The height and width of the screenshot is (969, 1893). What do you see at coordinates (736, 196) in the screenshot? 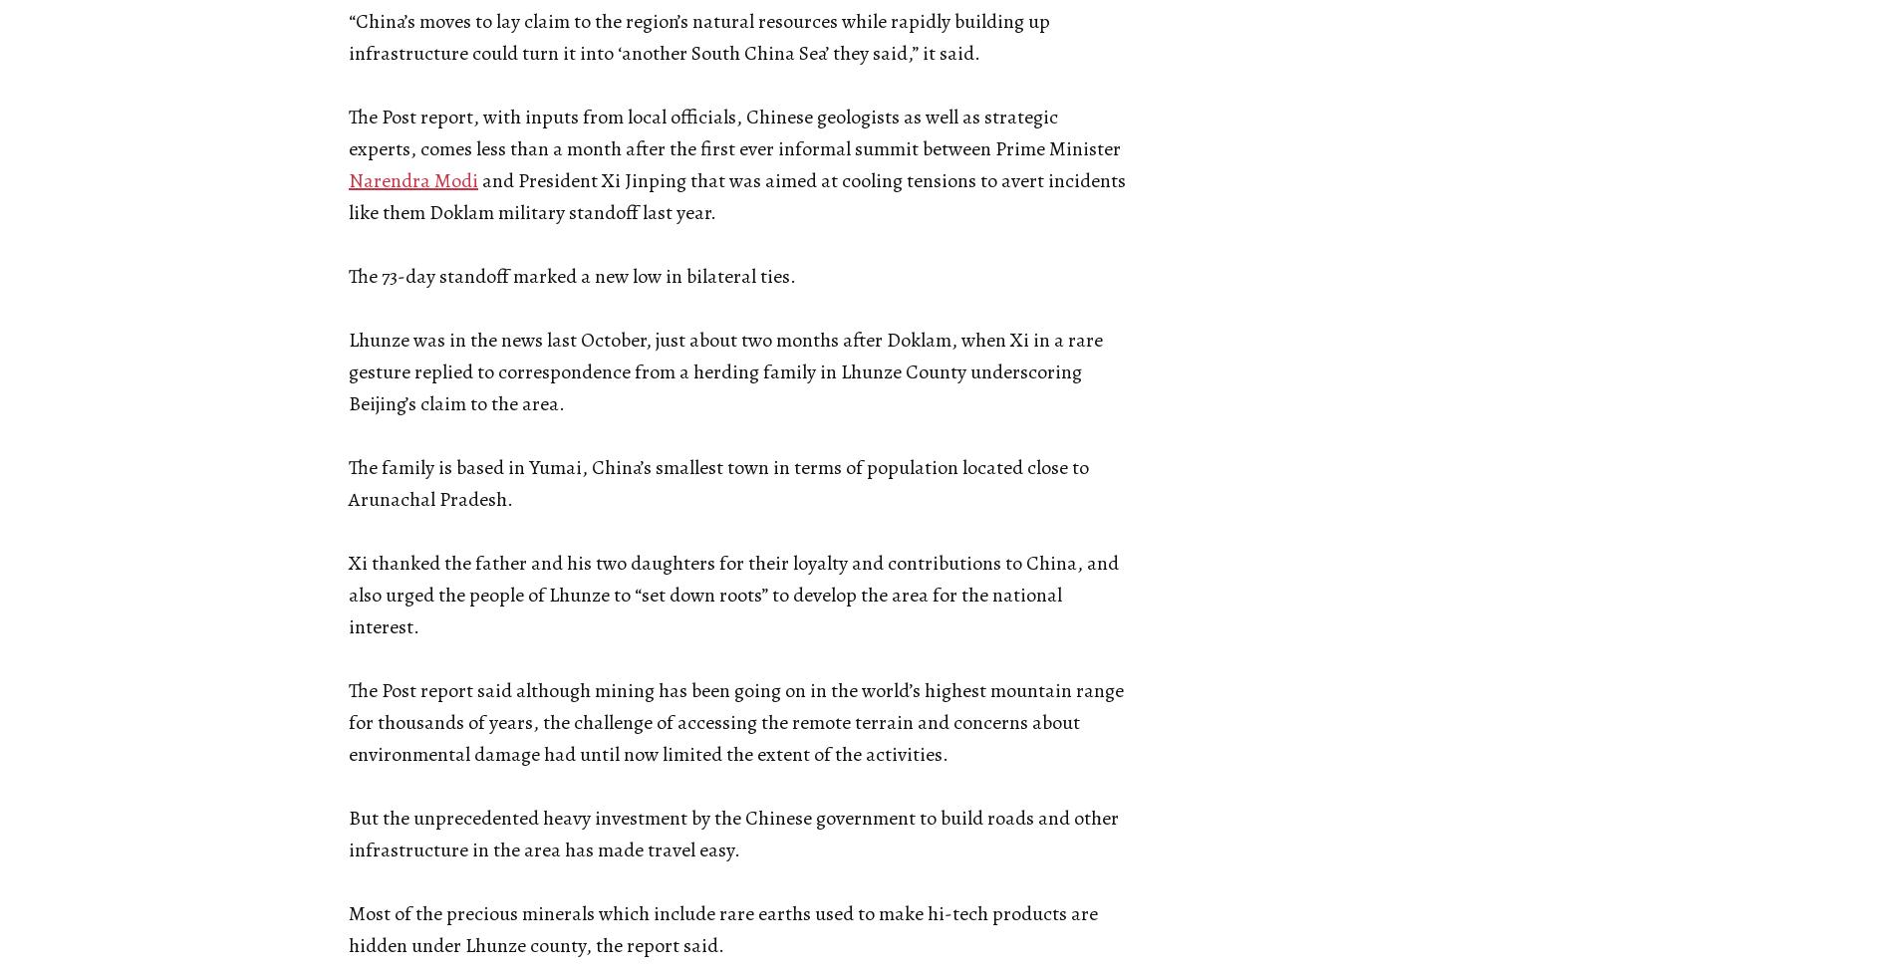
I see `'and President Xi Jinping that was aimed at cooling tensions to avert incidents like them Doklam military standoff last year.'` at bounding box center [736, 196].